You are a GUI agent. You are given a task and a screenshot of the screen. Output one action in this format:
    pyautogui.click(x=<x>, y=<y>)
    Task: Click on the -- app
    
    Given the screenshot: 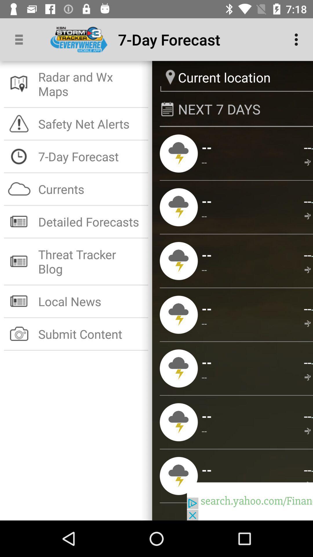 What is the action you would take?
    pyautogui.click(x=307, y=201)
    